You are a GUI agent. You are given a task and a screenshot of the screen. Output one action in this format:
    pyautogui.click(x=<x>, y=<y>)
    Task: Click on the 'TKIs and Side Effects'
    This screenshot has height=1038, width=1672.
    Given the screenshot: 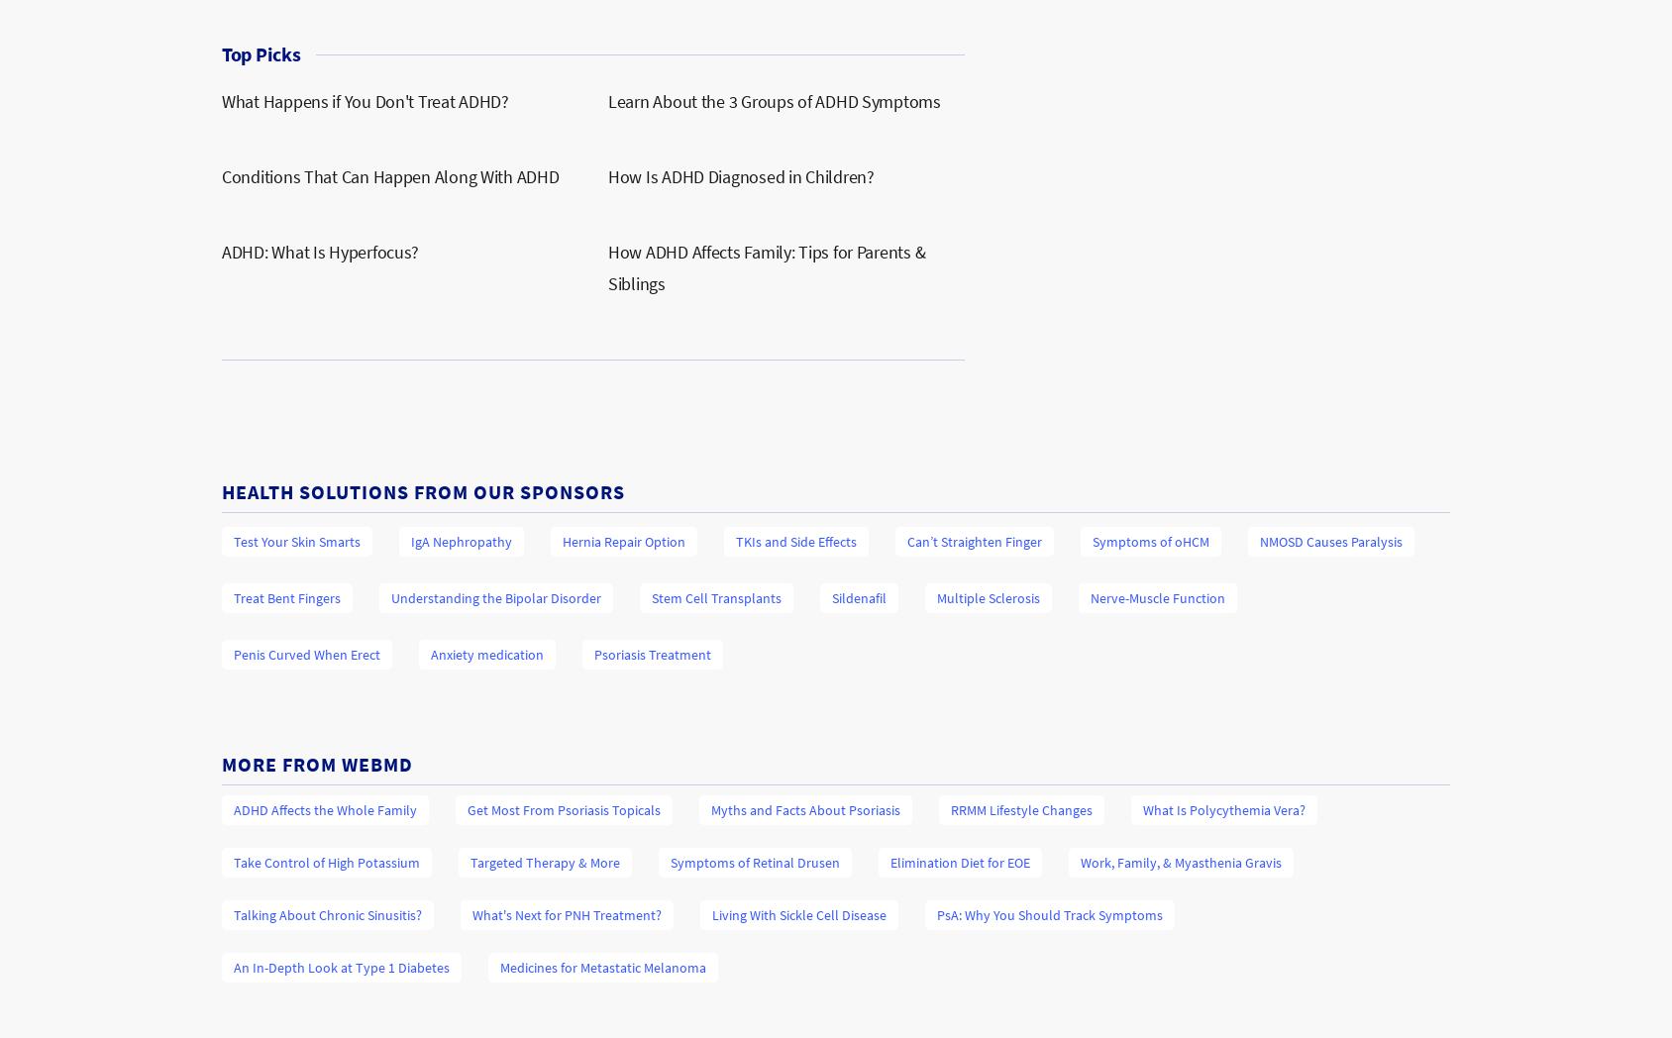 What is the action you would take?
    pyautogui.click(x=736, y=540)
    